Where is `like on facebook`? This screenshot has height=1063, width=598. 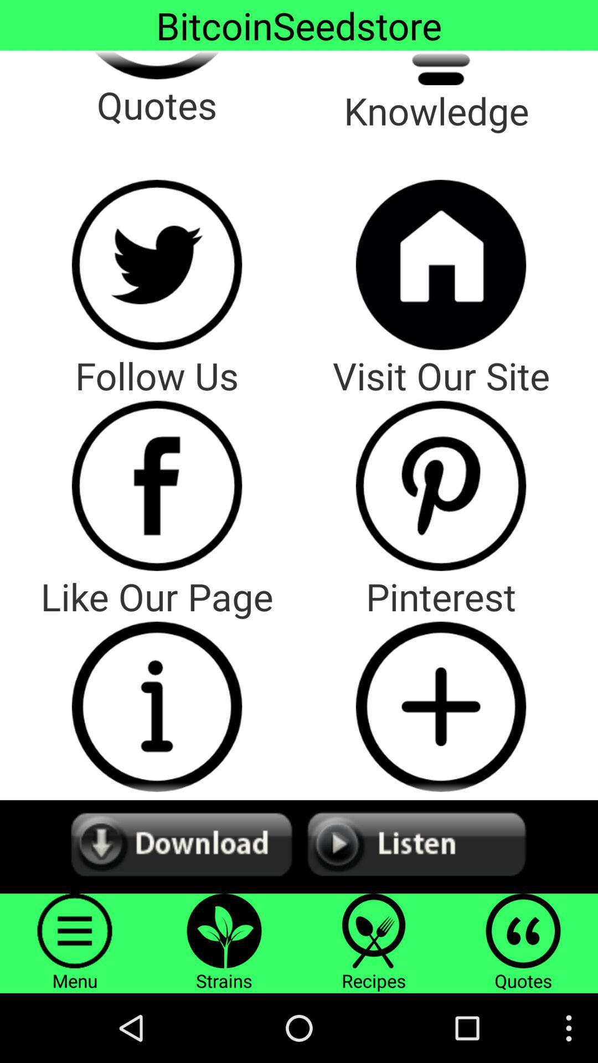
like on facebook is located at coordinates (157, 486).